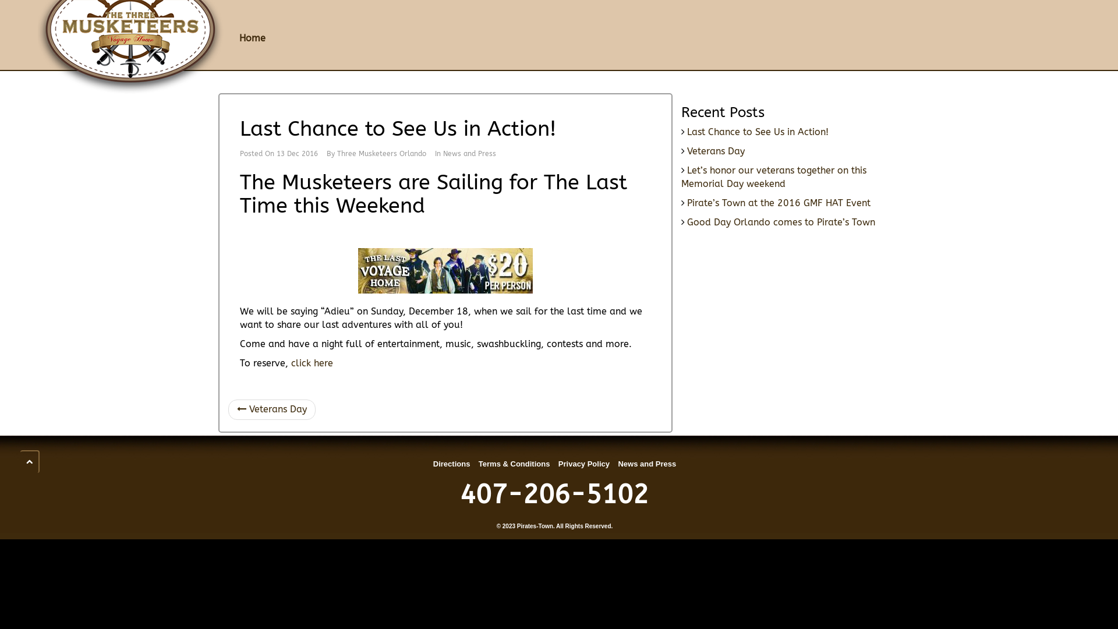  Describe the element at coordinates (252, 37) in the screenshot. I see `'Home'` at that location.